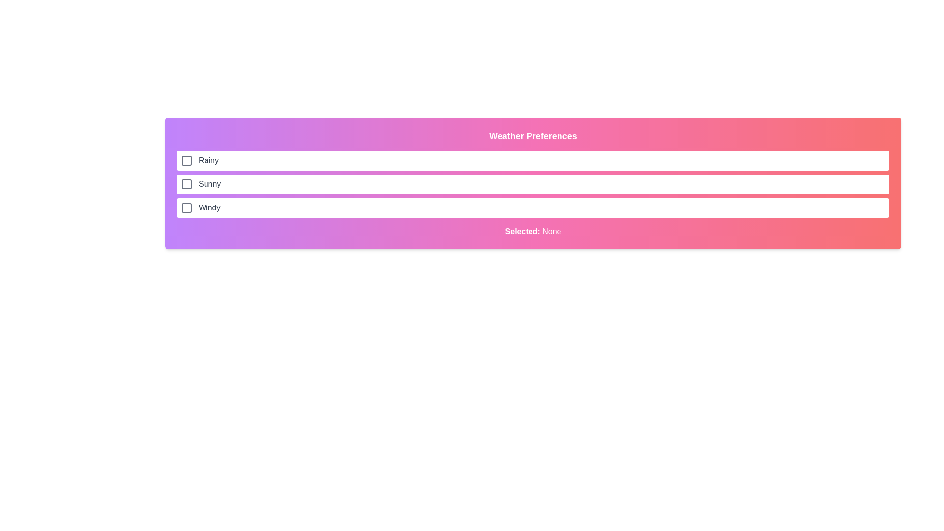 The image size is (944, 531). What do you see at coordinates (186, 184) in the screenshot?
I see `the checkbox located to the left of the text 'Sunny' in the Weather Preferences list` at bounding box center [186, 184].